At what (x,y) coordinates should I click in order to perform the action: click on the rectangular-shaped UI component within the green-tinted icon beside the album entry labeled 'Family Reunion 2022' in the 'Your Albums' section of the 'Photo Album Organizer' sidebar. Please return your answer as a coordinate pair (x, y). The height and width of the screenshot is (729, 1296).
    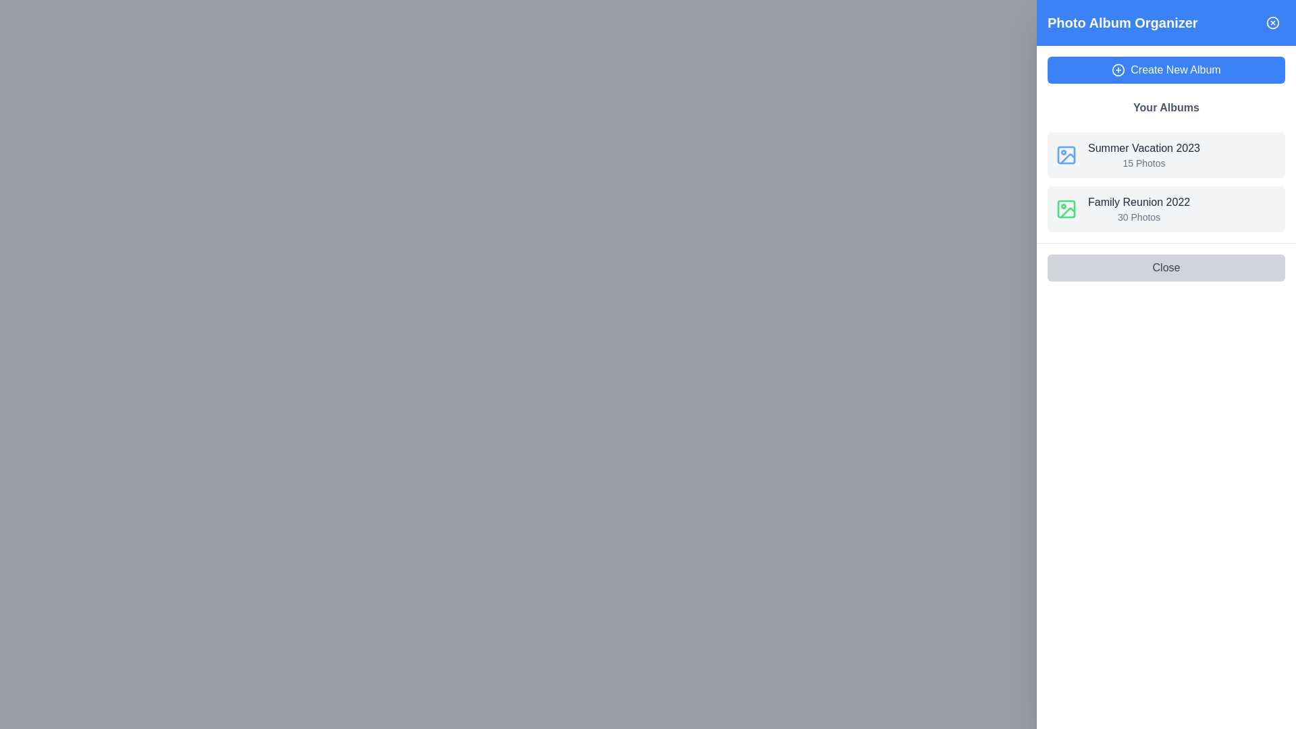
    Looking at the image, I should click on (1065, 209).